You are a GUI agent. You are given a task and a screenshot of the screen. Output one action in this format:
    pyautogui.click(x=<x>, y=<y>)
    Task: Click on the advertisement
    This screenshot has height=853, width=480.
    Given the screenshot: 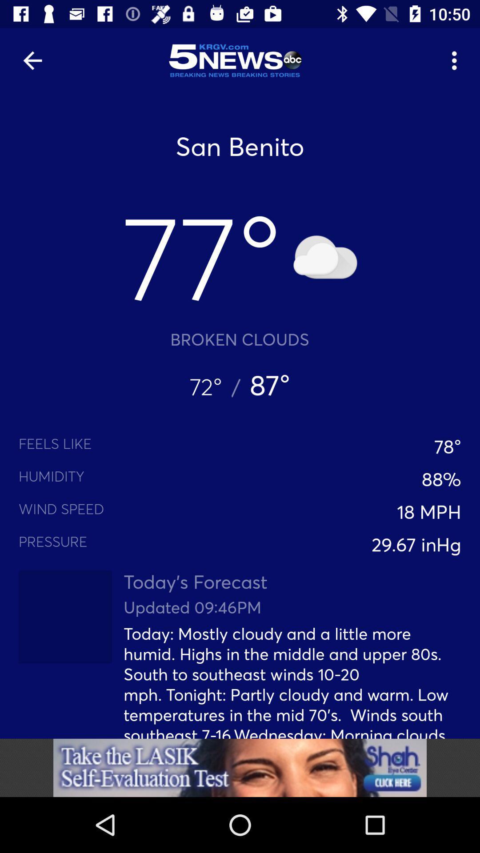 What is the action you would take?
    pyautogui.click(x=240, y=767)
    